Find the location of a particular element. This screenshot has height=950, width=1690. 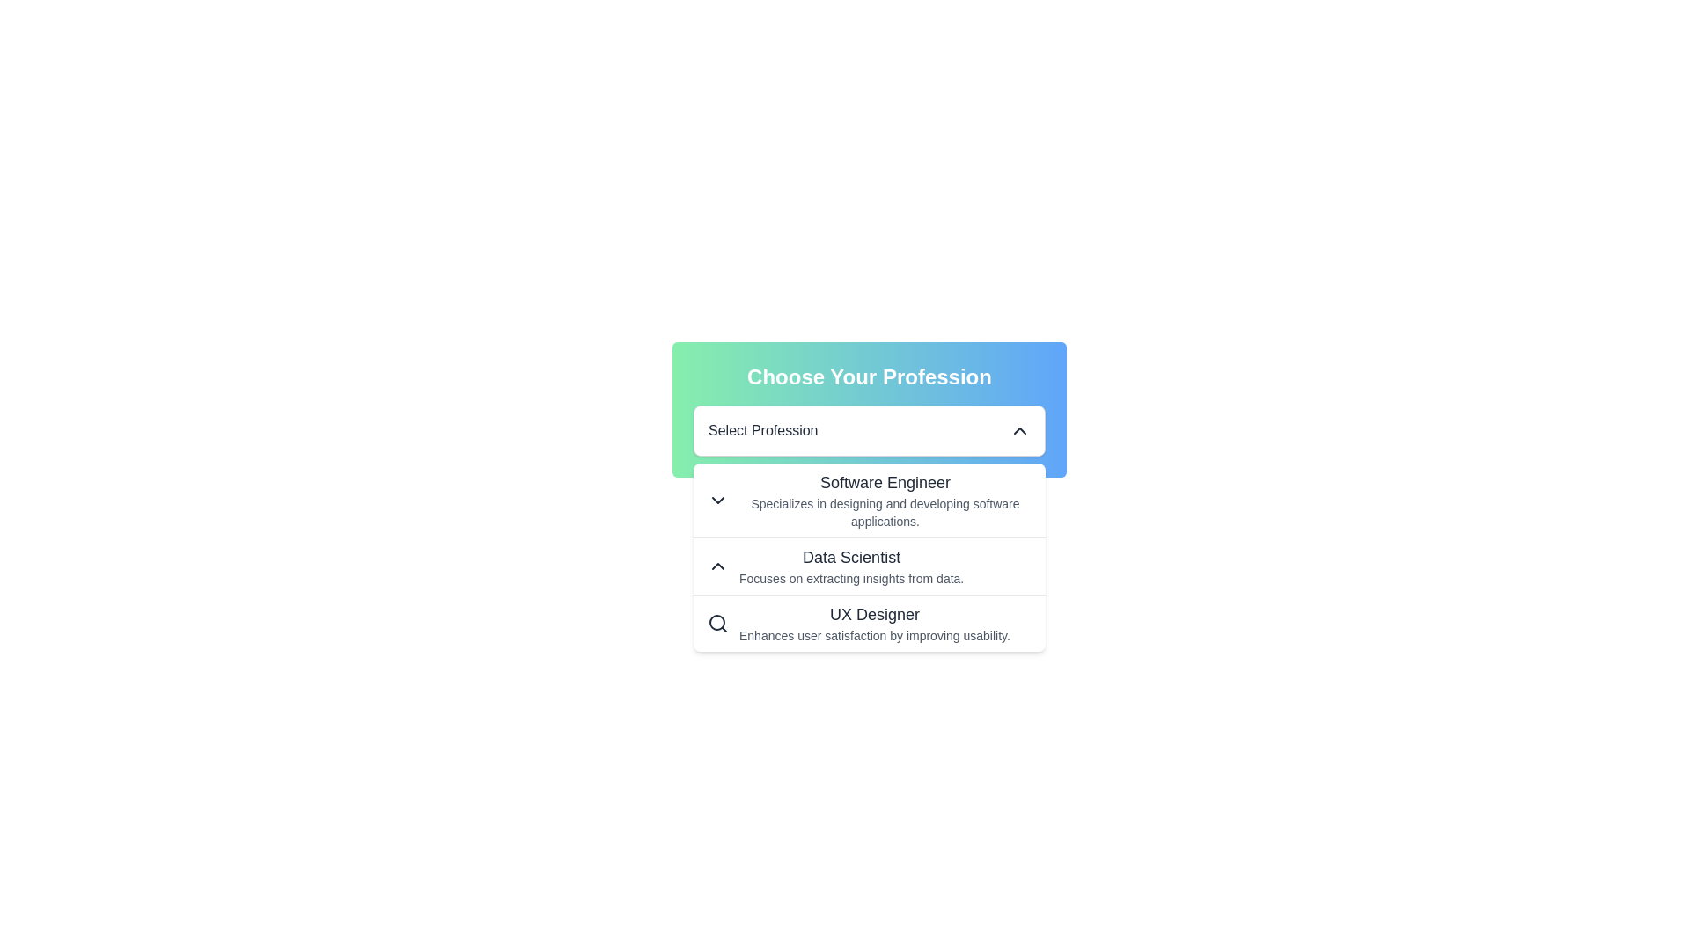

text label 'Software Engineer' that is prominently displayed in a large black font, positioned at the upper-middle section of the dropdown menu is located at coordinates (885, 482).